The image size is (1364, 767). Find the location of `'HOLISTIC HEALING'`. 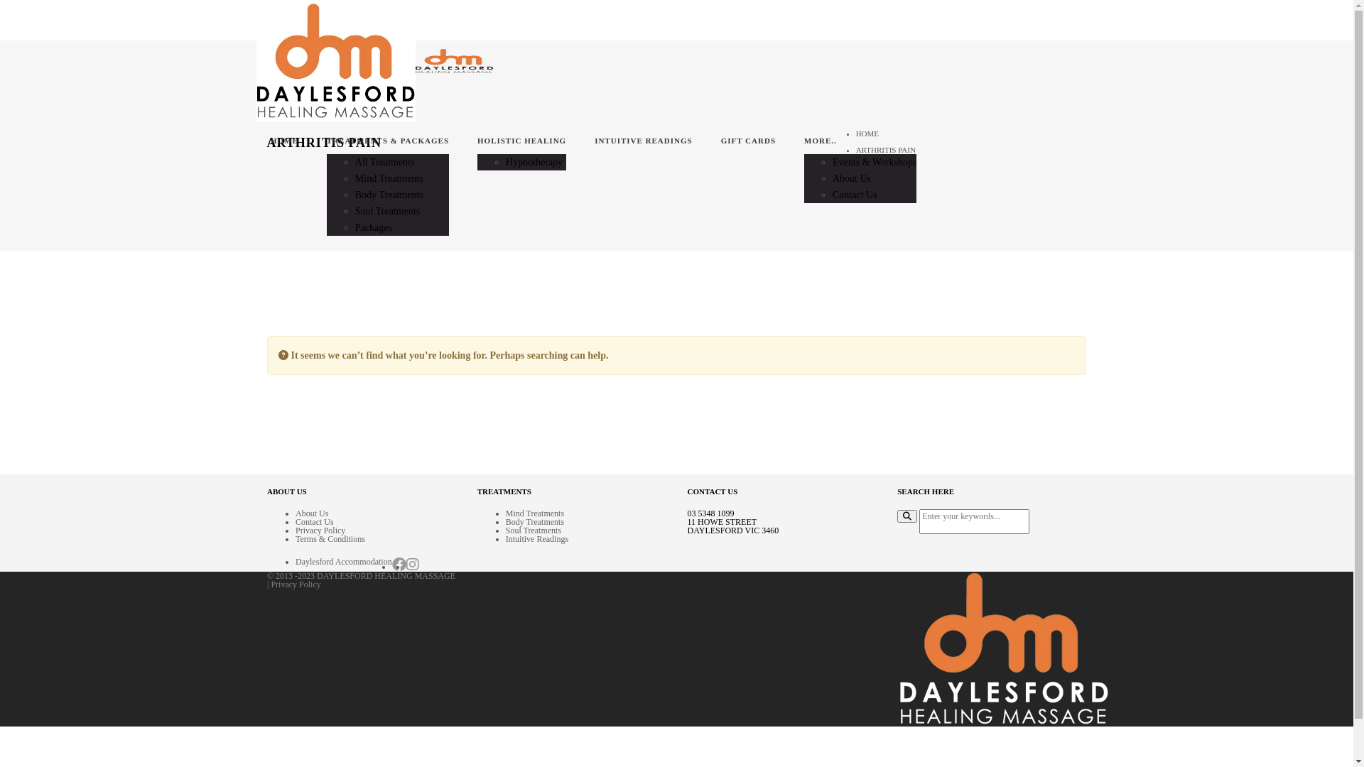

'HOLISTIC HEALING' is located at coordinates (477, 141).